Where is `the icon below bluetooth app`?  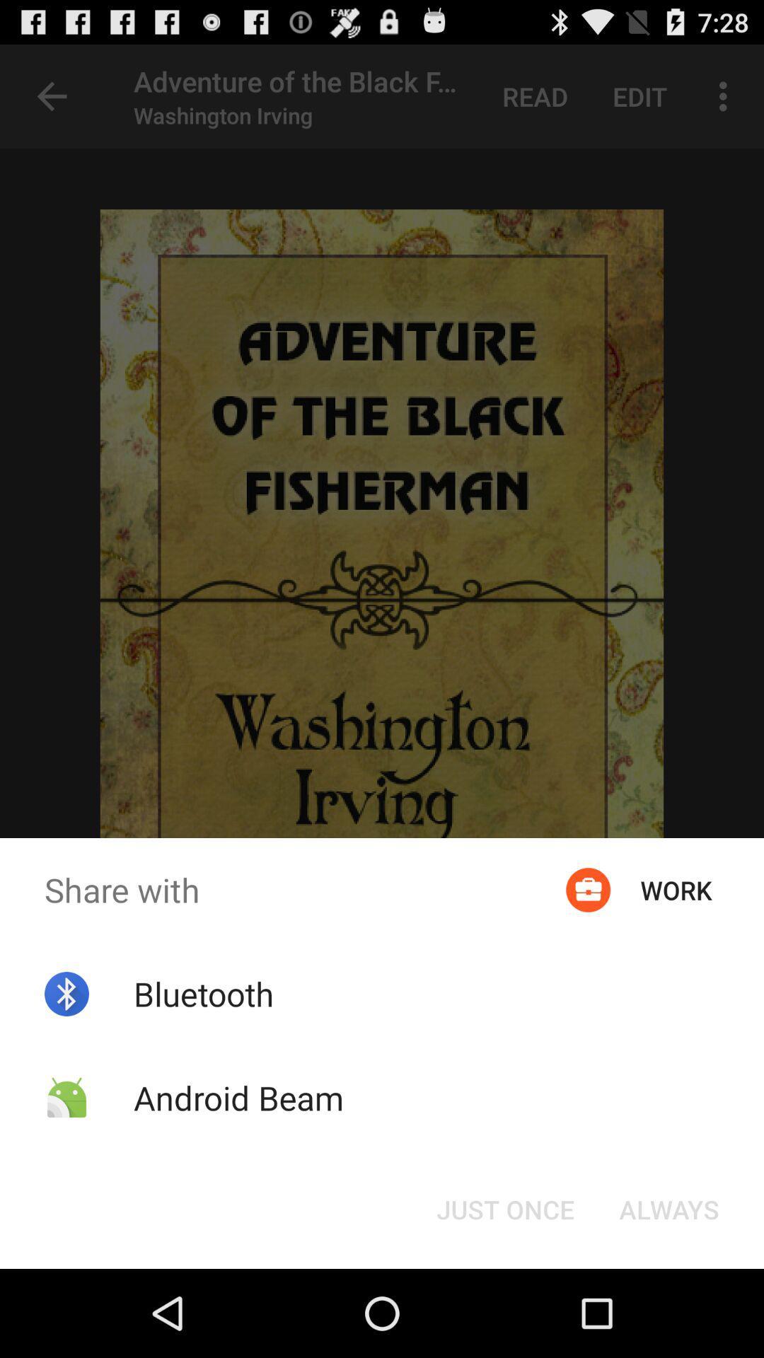
the icon below bluetooth app is located at coordinates (238, 1097).